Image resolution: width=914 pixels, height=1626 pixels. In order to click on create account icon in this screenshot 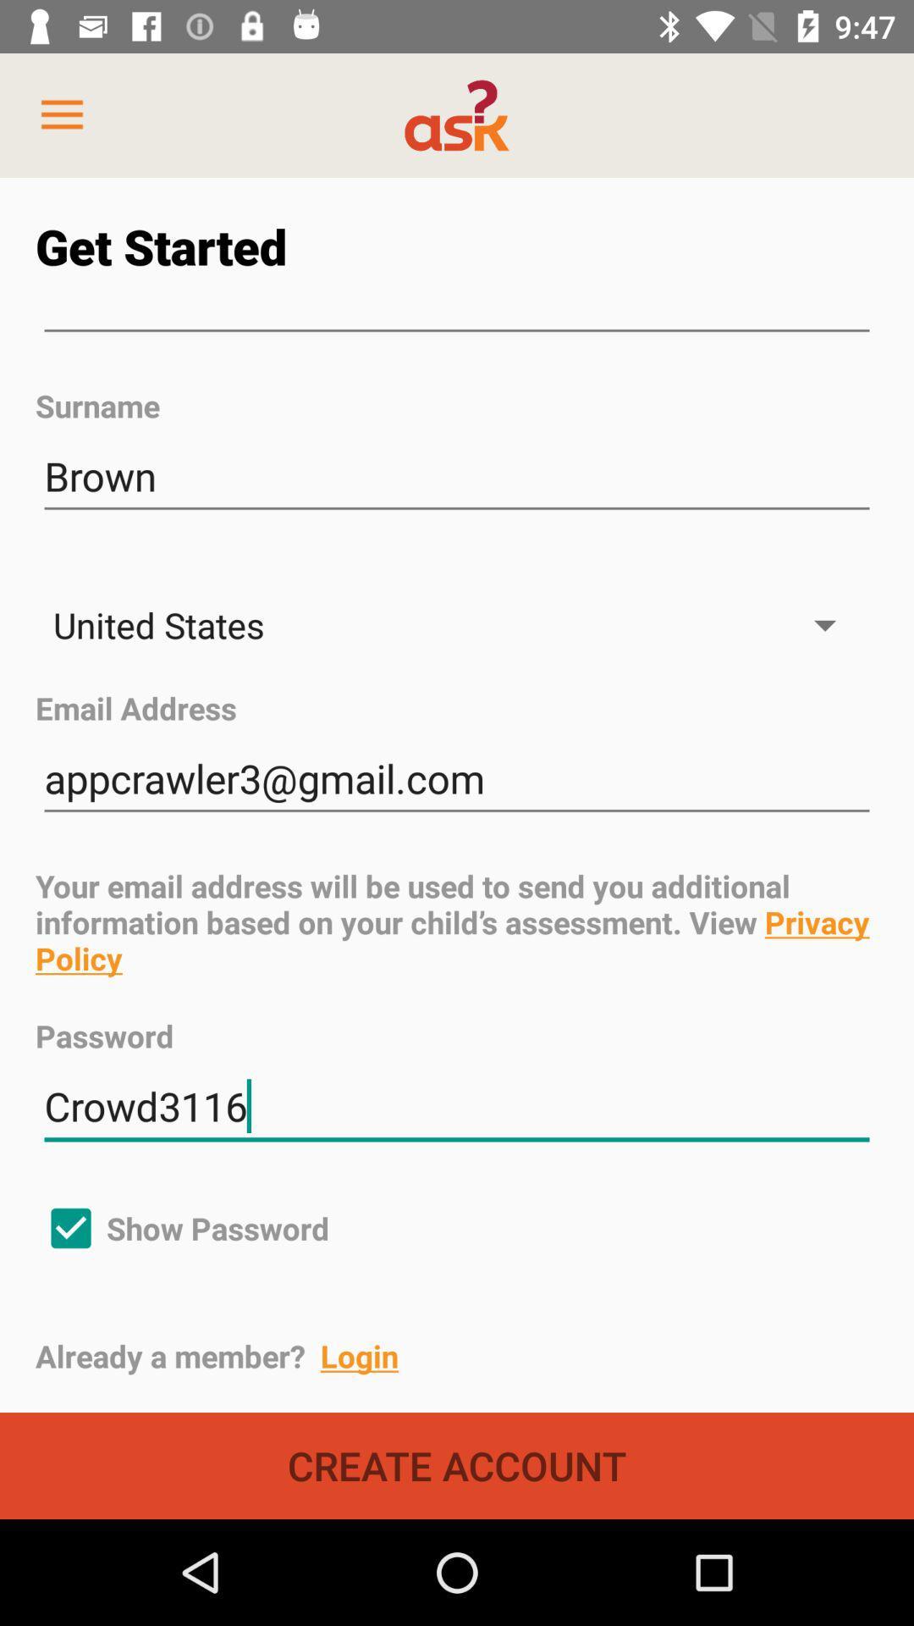, I will do `click(457, 1465)`.